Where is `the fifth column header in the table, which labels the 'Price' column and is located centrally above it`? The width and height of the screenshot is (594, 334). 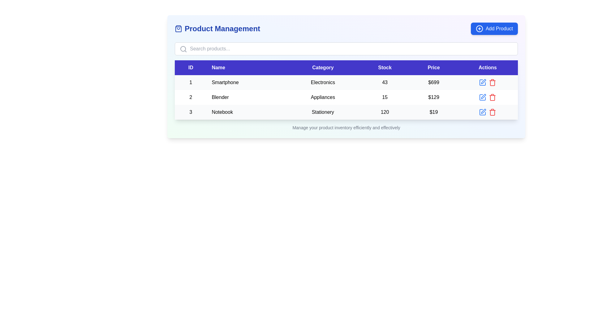
the fifth column header in the table, which labels the 'Price' column and is located centrally above it is located at coordinates (433, 68).